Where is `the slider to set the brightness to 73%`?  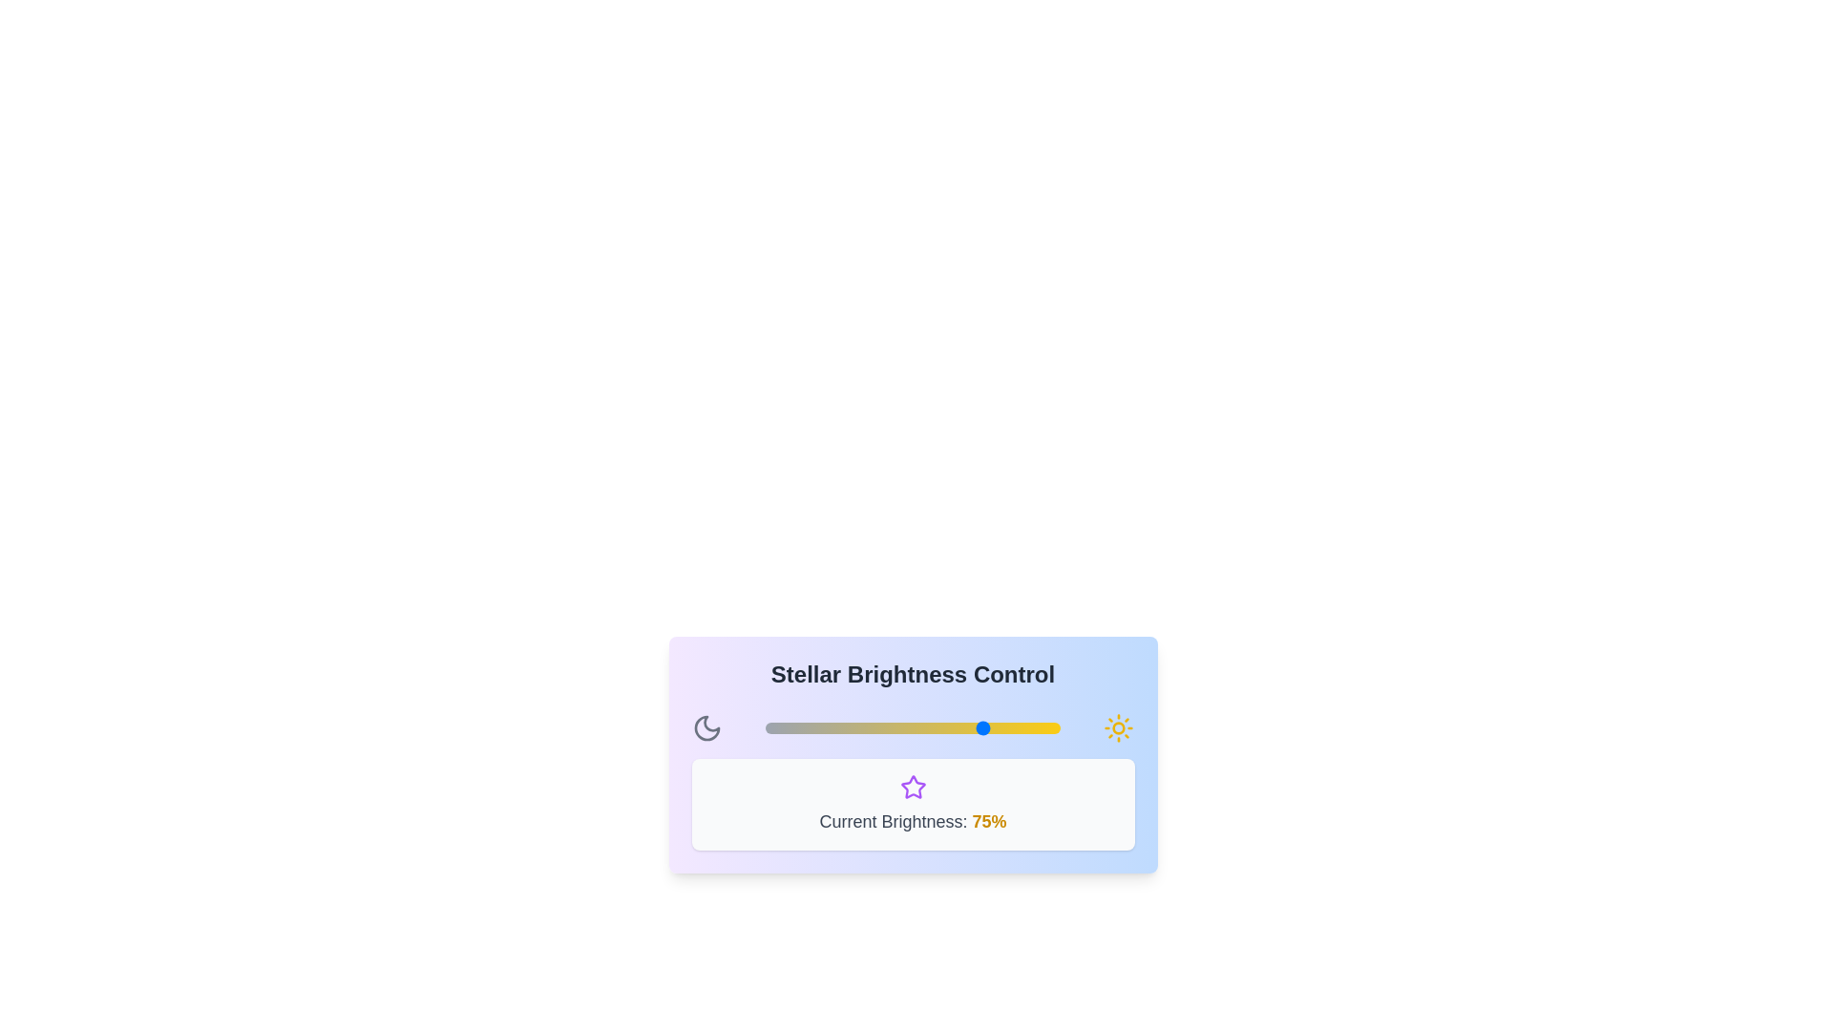 the slider to set the brightness to 73% is located at coordinates (980, 728).